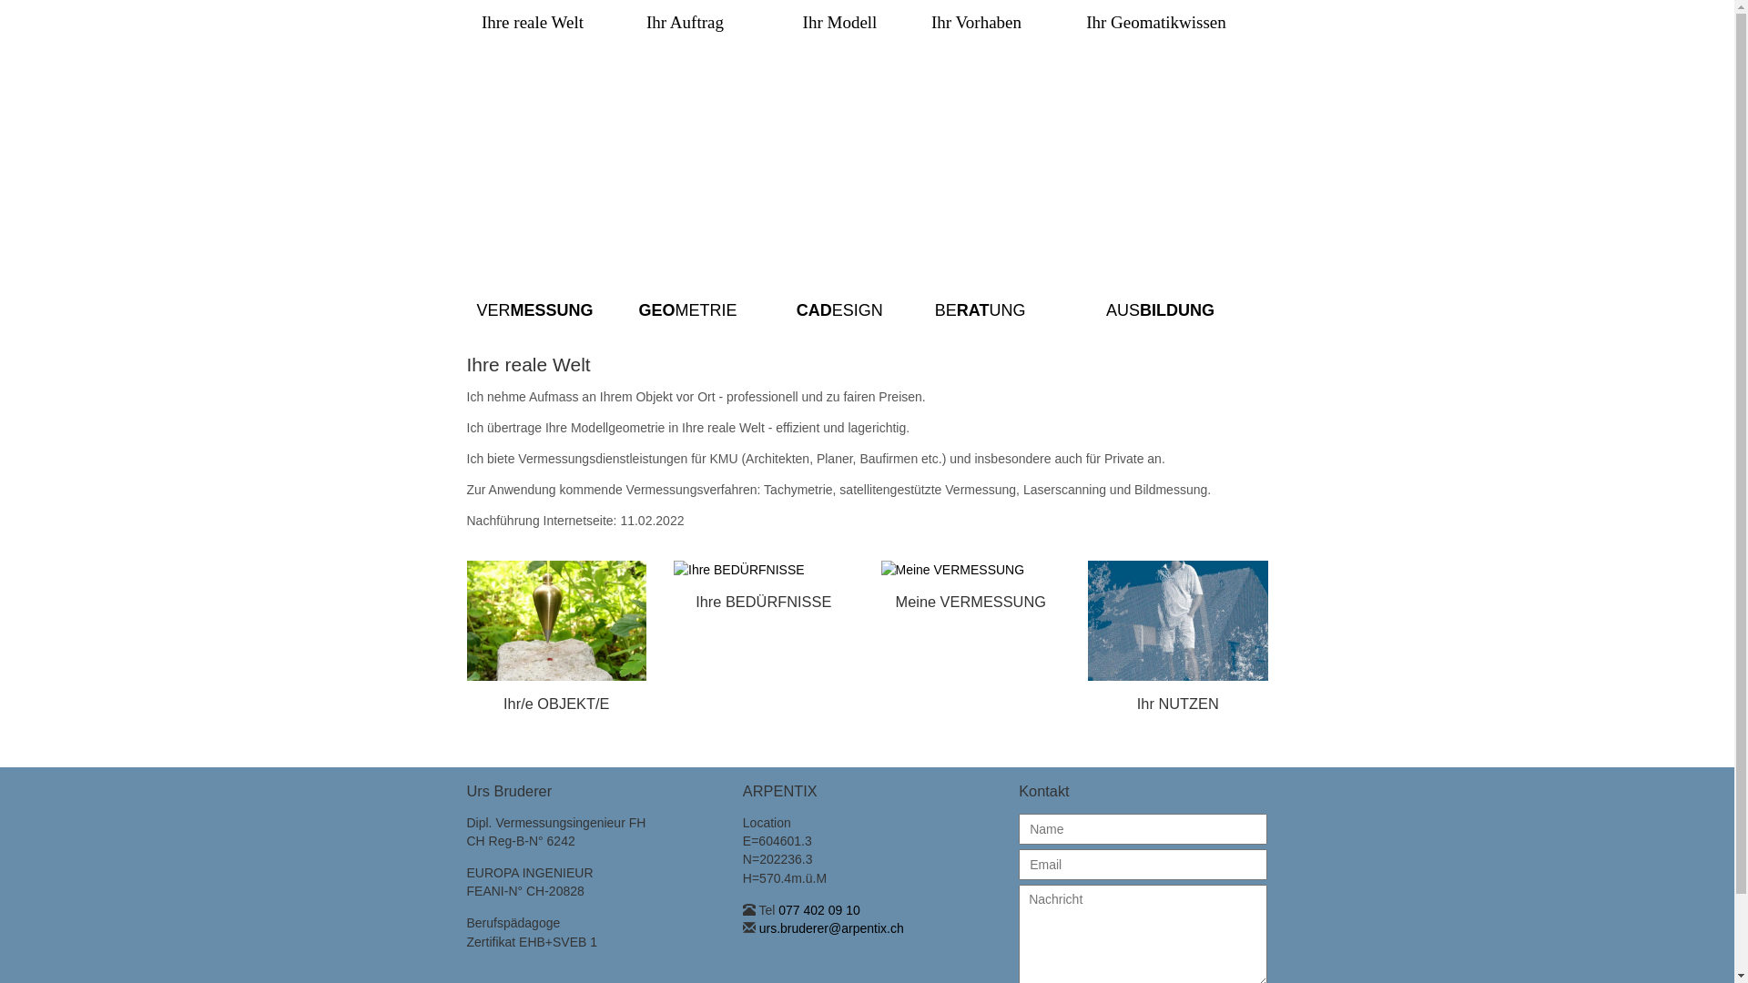  Describe the element at coordinates (796, 309) in the screenshot. I see `'CADESIGN'` at that location.